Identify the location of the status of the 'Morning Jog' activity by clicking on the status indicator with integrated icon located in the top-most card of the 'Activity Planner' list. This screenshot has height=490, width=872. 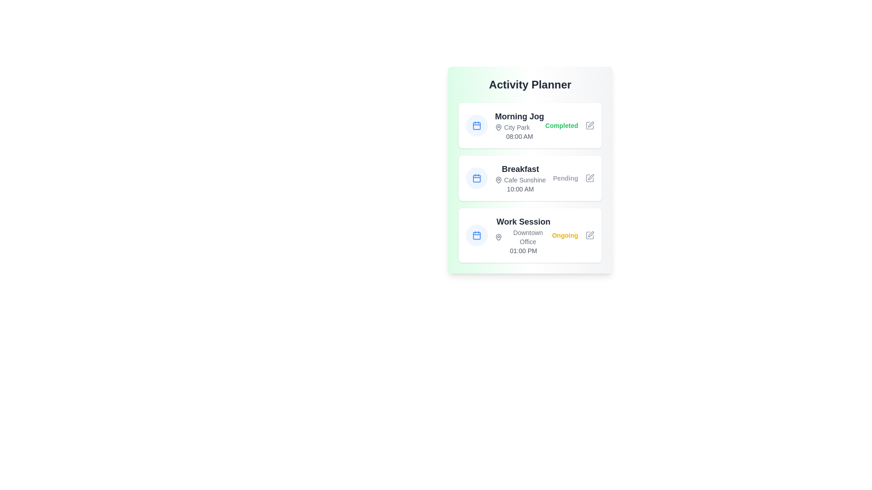
(569, 126).